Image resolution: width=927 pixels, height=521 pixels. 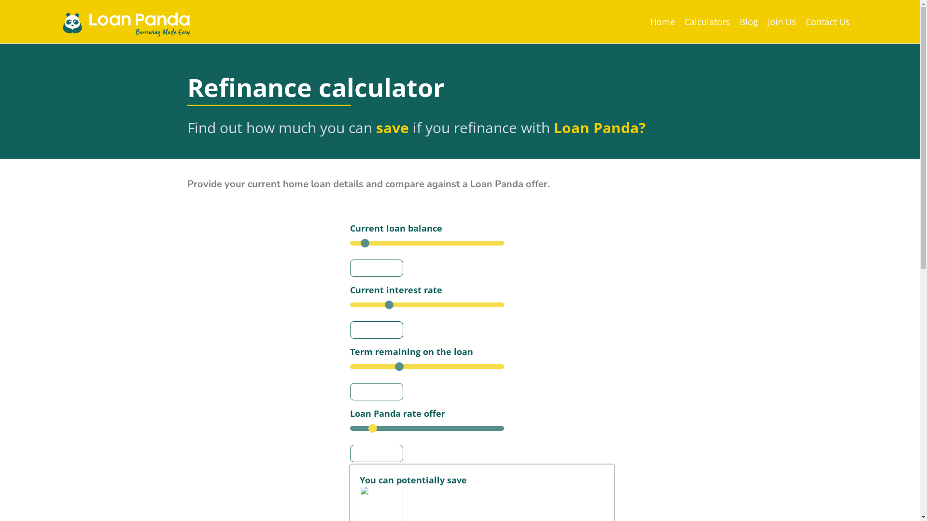 What do you see at coordinates (827, 22) in the screenshot?
I see `'Contact Us'` at bounding box center [827, 22].